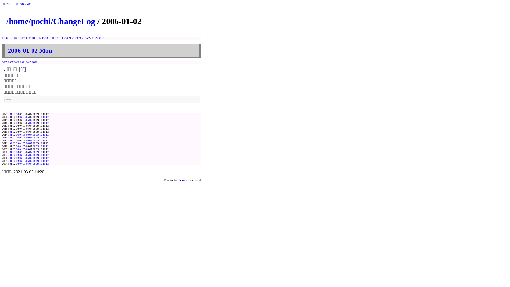 This screenshot has width=510, height=287. What do you see at coordinates (34, 155) in the screenshot?
I see `'08'` at bounding box center [34, 155].